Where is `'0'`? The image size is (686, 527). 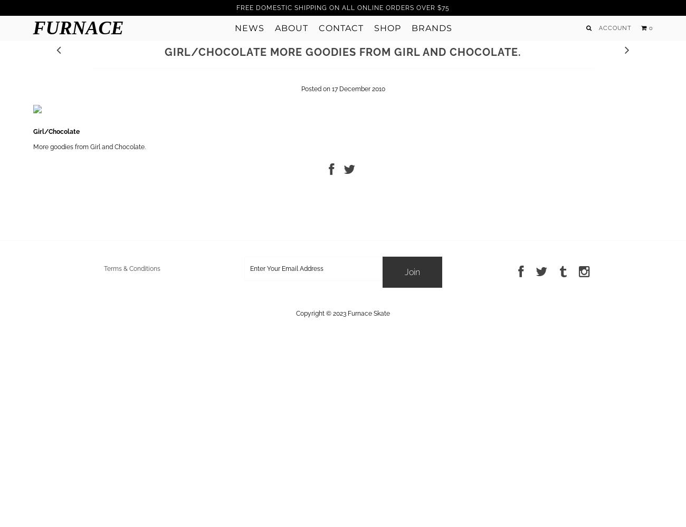 '0' is located at coordinates (650, 28).